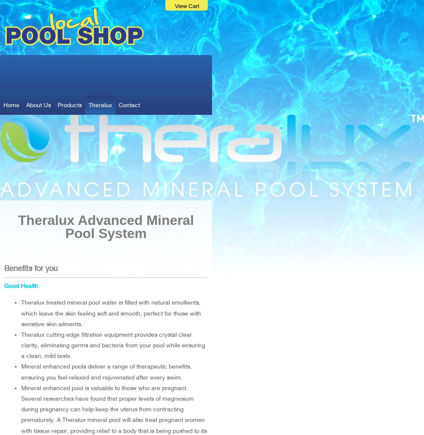 The height and width of the screenshot is (435, 424). What do you see at coordinates (100, 104) in the screenshot?
I see `'Theralux'` at bounding box center [100, 104].